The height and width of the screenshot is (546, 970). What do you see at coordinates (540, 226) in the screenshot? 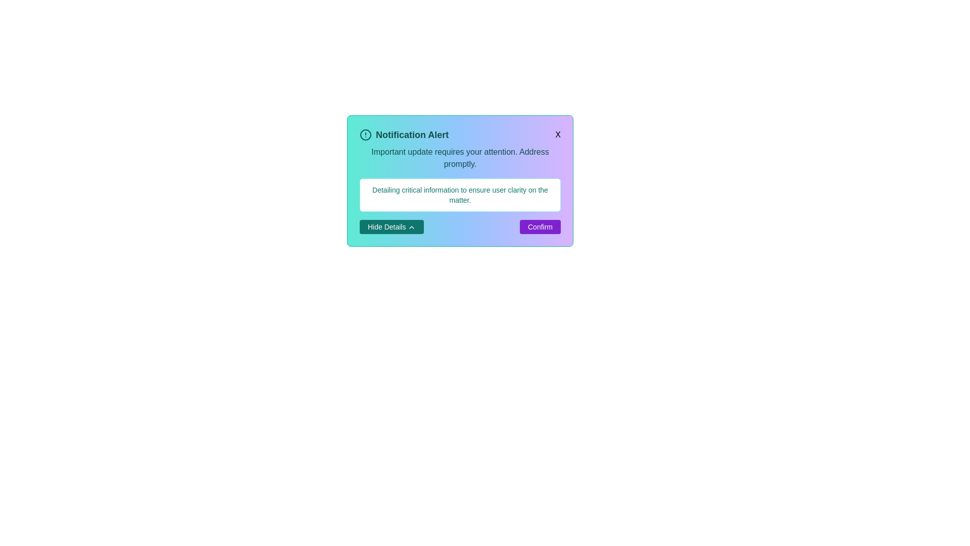
I see `the 'Confirm' button to acknowledge the alert` at bounding box center [540, 226].